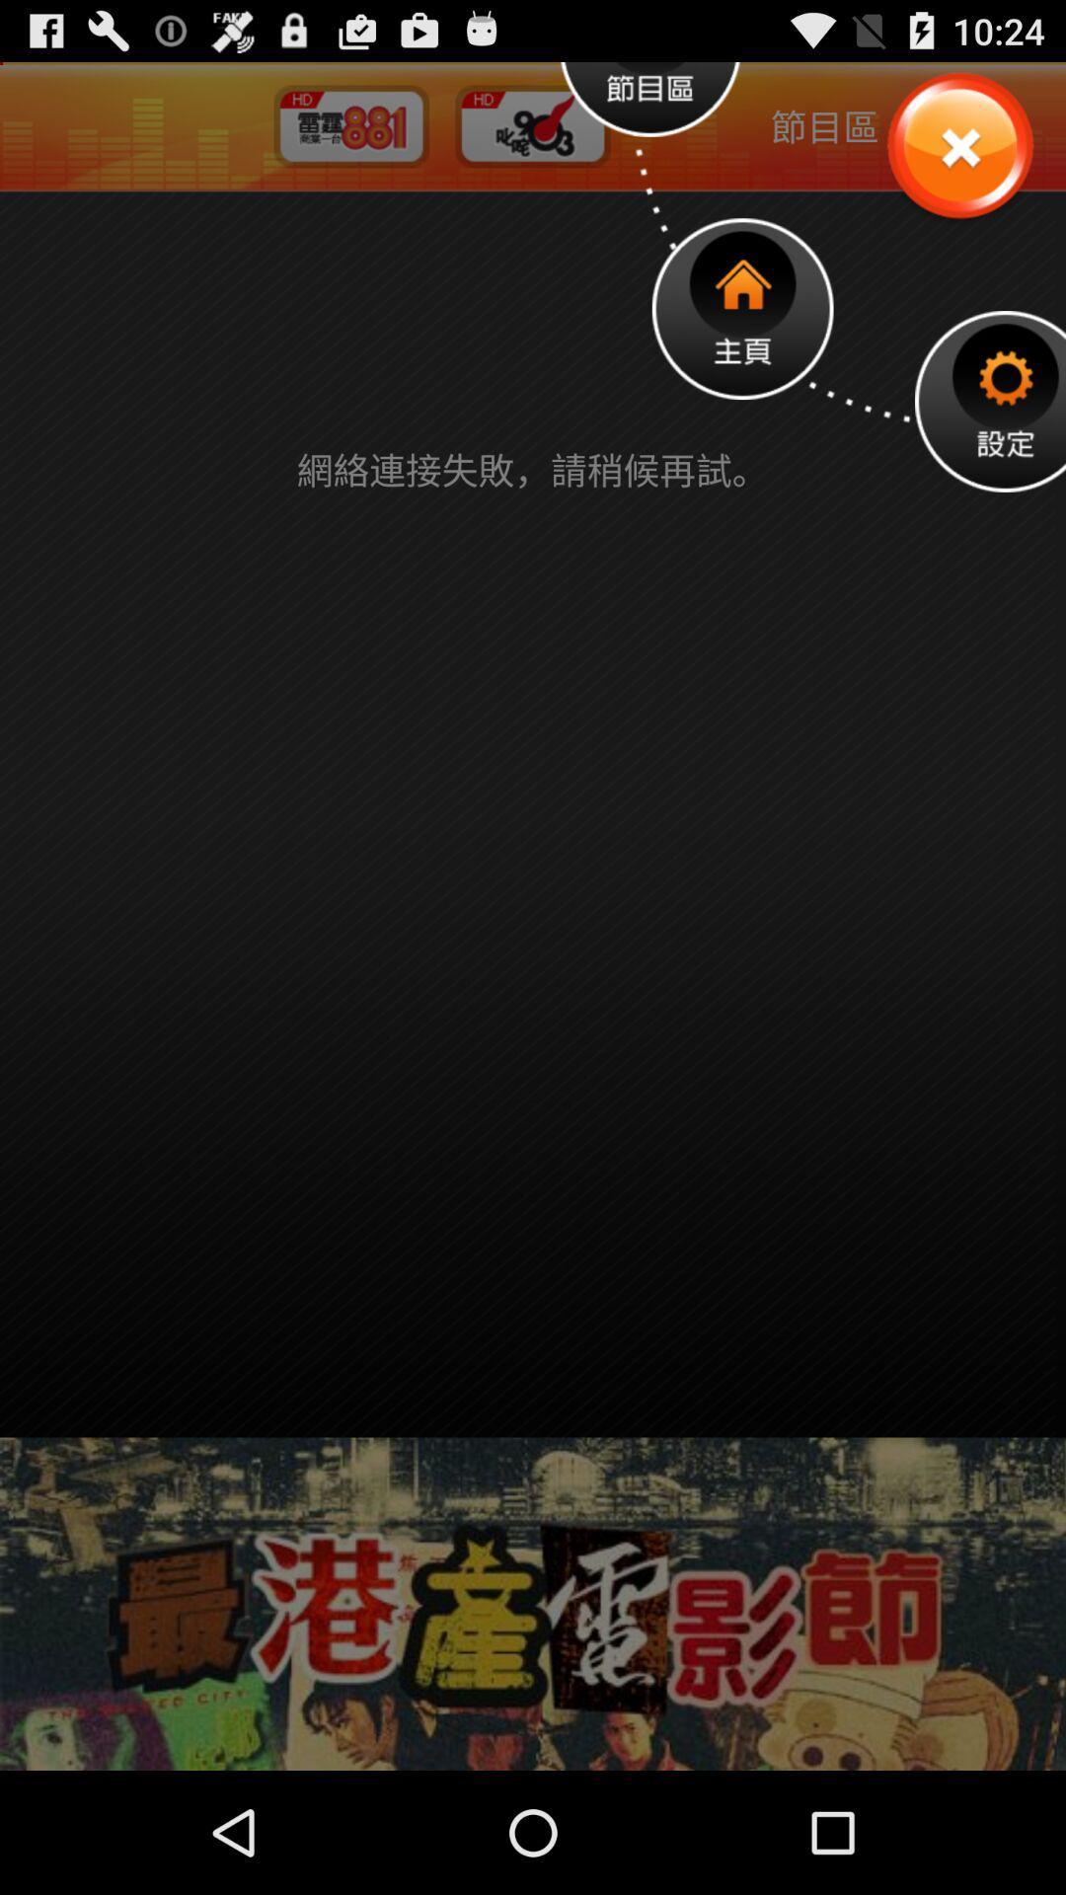 Image resolution: width=1066 pixels, height=1895 pixels. Describe the element at coordinates (958, 158) in the screenshot. I see `the close icon` at that location.